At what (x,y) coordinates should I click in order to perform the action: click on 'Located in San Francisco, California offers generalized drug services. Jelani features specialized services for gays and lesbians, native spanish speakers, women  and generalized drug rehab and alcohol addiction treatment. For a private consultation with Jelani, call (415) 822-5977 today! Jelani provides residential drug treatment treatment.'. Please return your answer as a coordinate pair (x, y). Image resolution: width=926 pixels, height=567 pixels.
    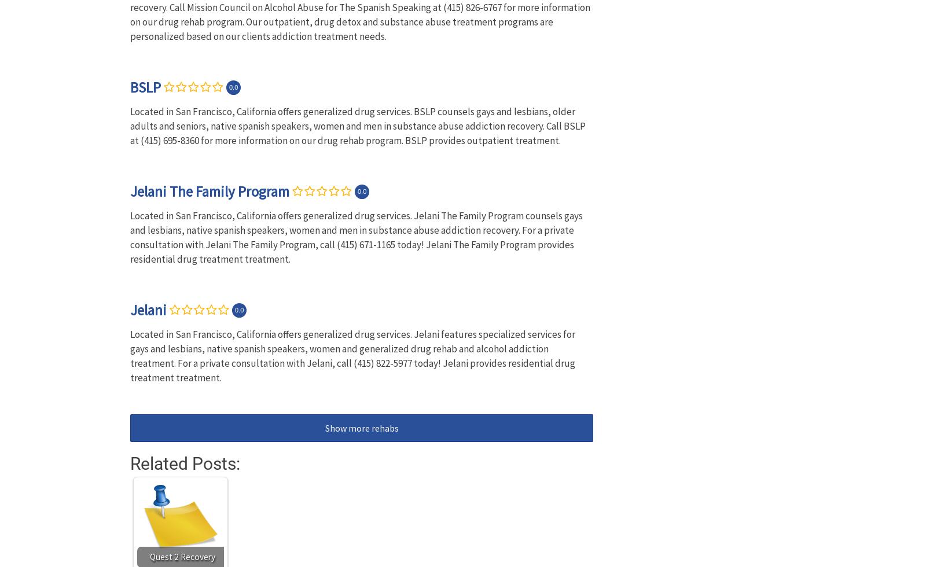
    Looking at the image, I should click on (352, 355).